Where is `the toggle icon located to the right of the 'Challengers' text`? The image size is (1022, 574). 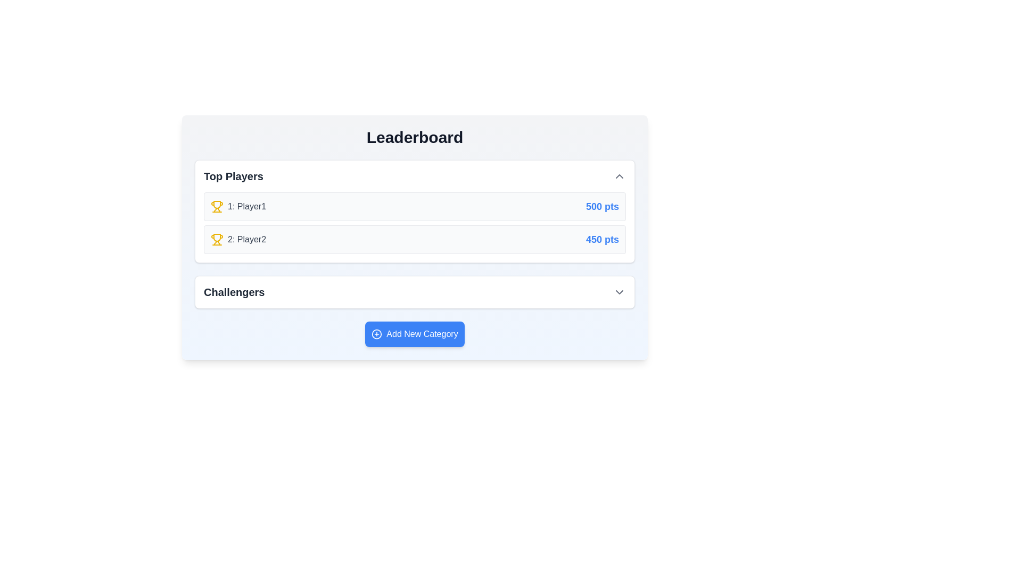
the toggle icon located to the right of the 'Challengers' text is located at coordinates (619, 292).